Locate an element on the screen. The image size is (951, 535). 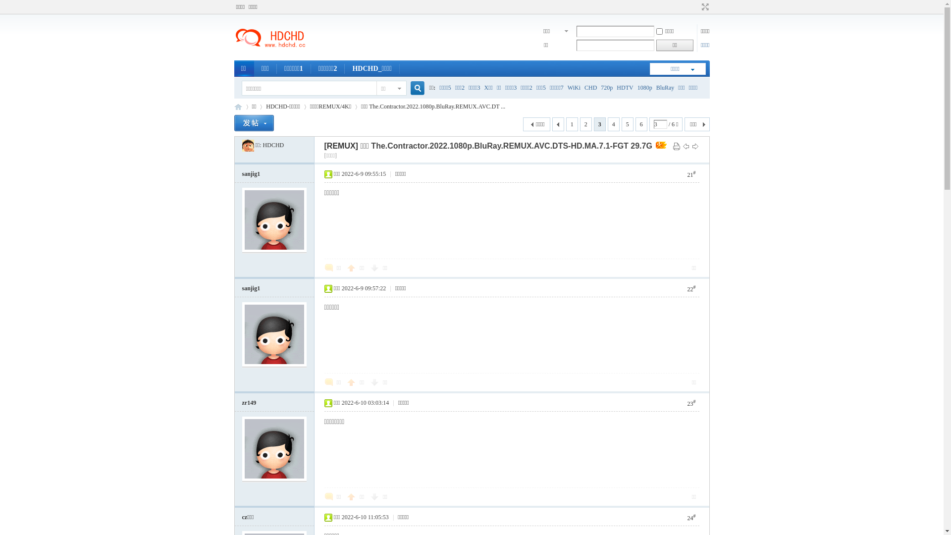
'WiKi' is located at coordinates (574, 87).